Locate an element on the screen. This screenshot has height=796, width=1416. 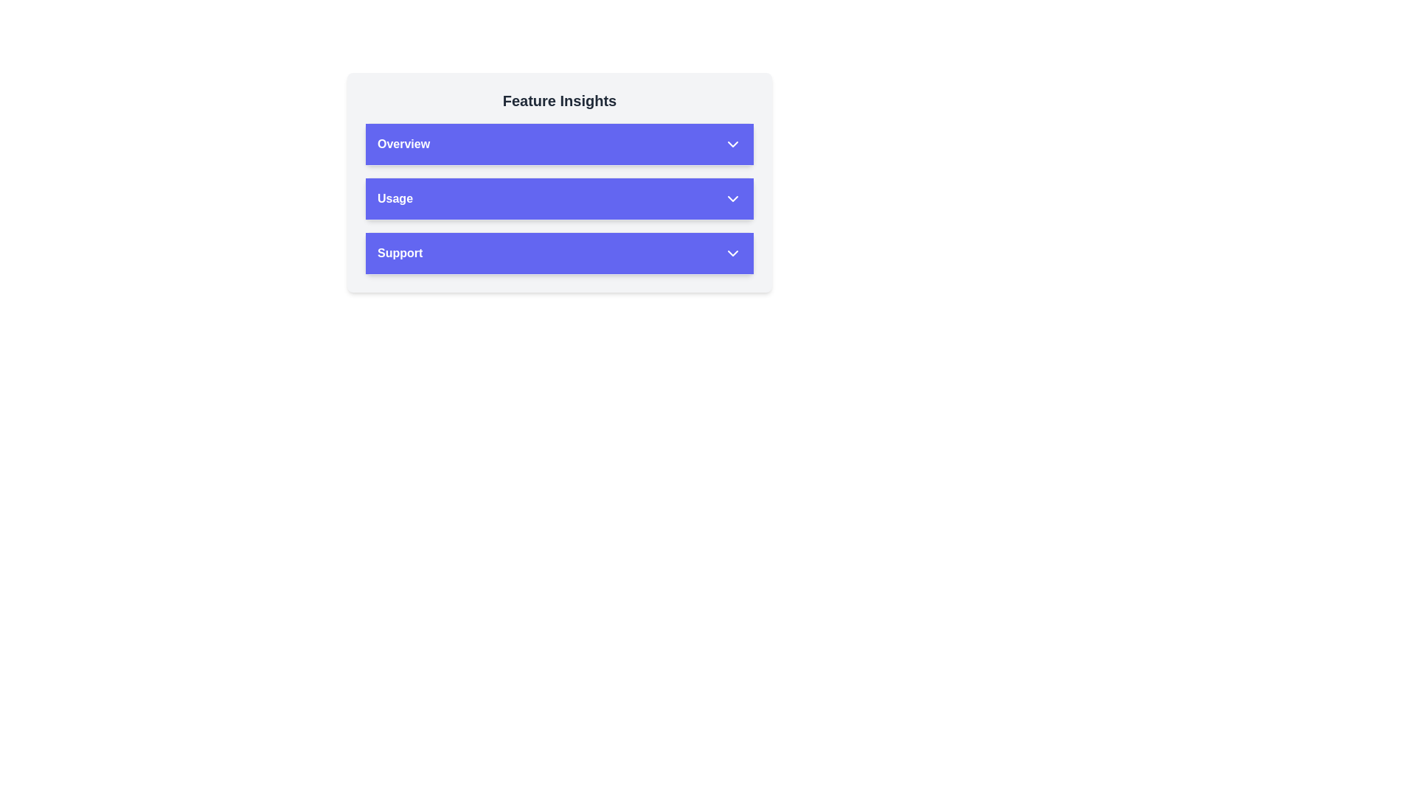
the downward-pointing arrow icon located on the right side of the 'Usage' header in the 'Feature Insights' section to check for any appearance changes is located at coordinates (732, 199).